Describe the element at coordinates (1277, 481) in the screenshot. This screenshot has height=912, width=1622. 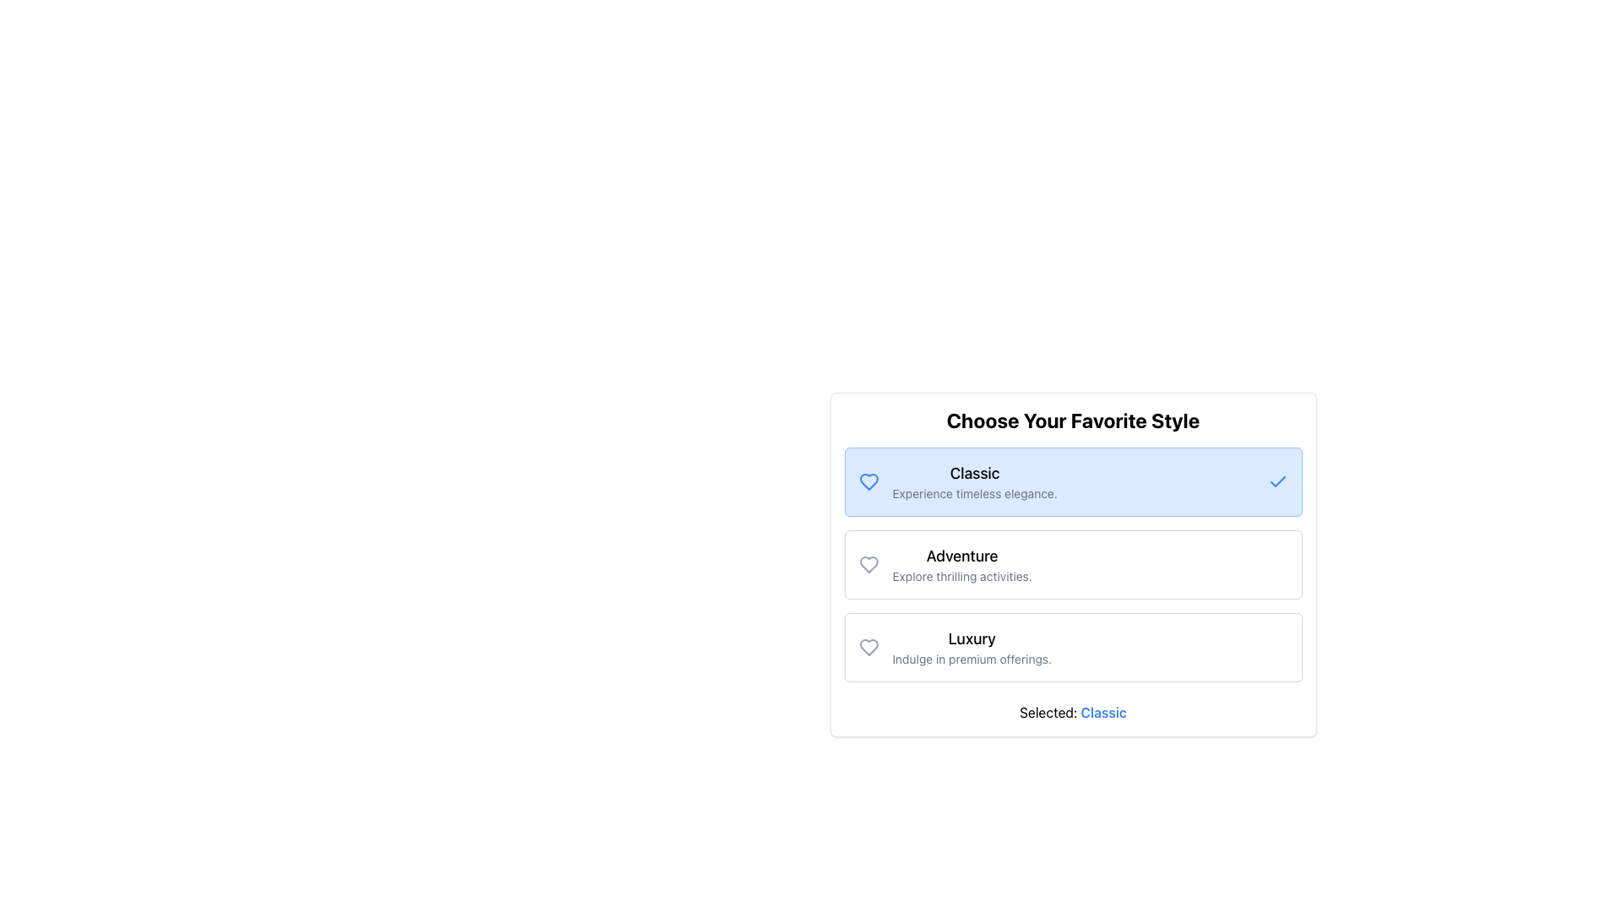
I see `the blue checkmark icon located on the right side of the selection box for the style labeled 'Classic' under the 'Choose Your Favorite Style' section` at that location.